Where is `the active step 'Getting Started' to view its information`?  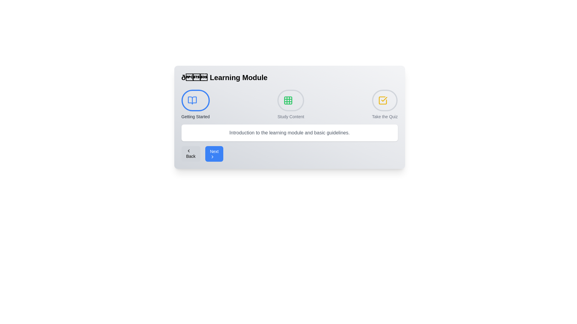
the active step 'Getting Started' to view its information is located at coordinates (195, 100).